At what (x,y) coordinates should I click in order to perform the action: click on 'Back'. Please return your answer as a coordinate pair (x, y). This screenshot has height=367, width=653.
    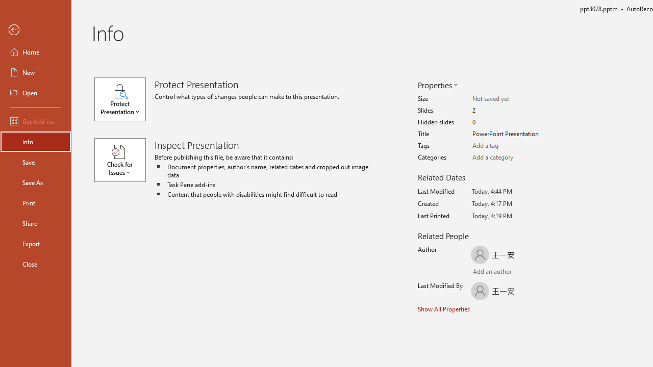
    Looking at the image, I should click on (35, 30).